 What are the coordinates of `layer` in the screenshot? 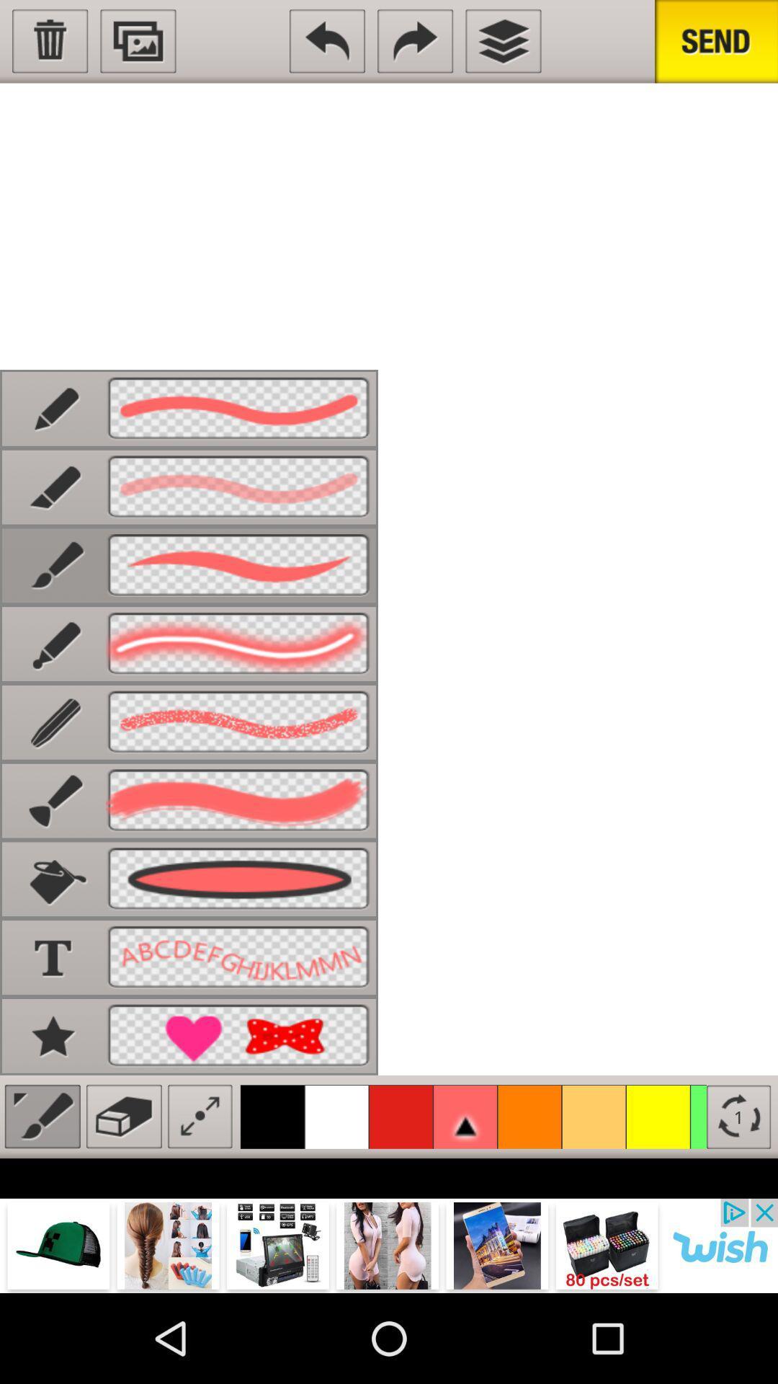 It's located at (502, 41).